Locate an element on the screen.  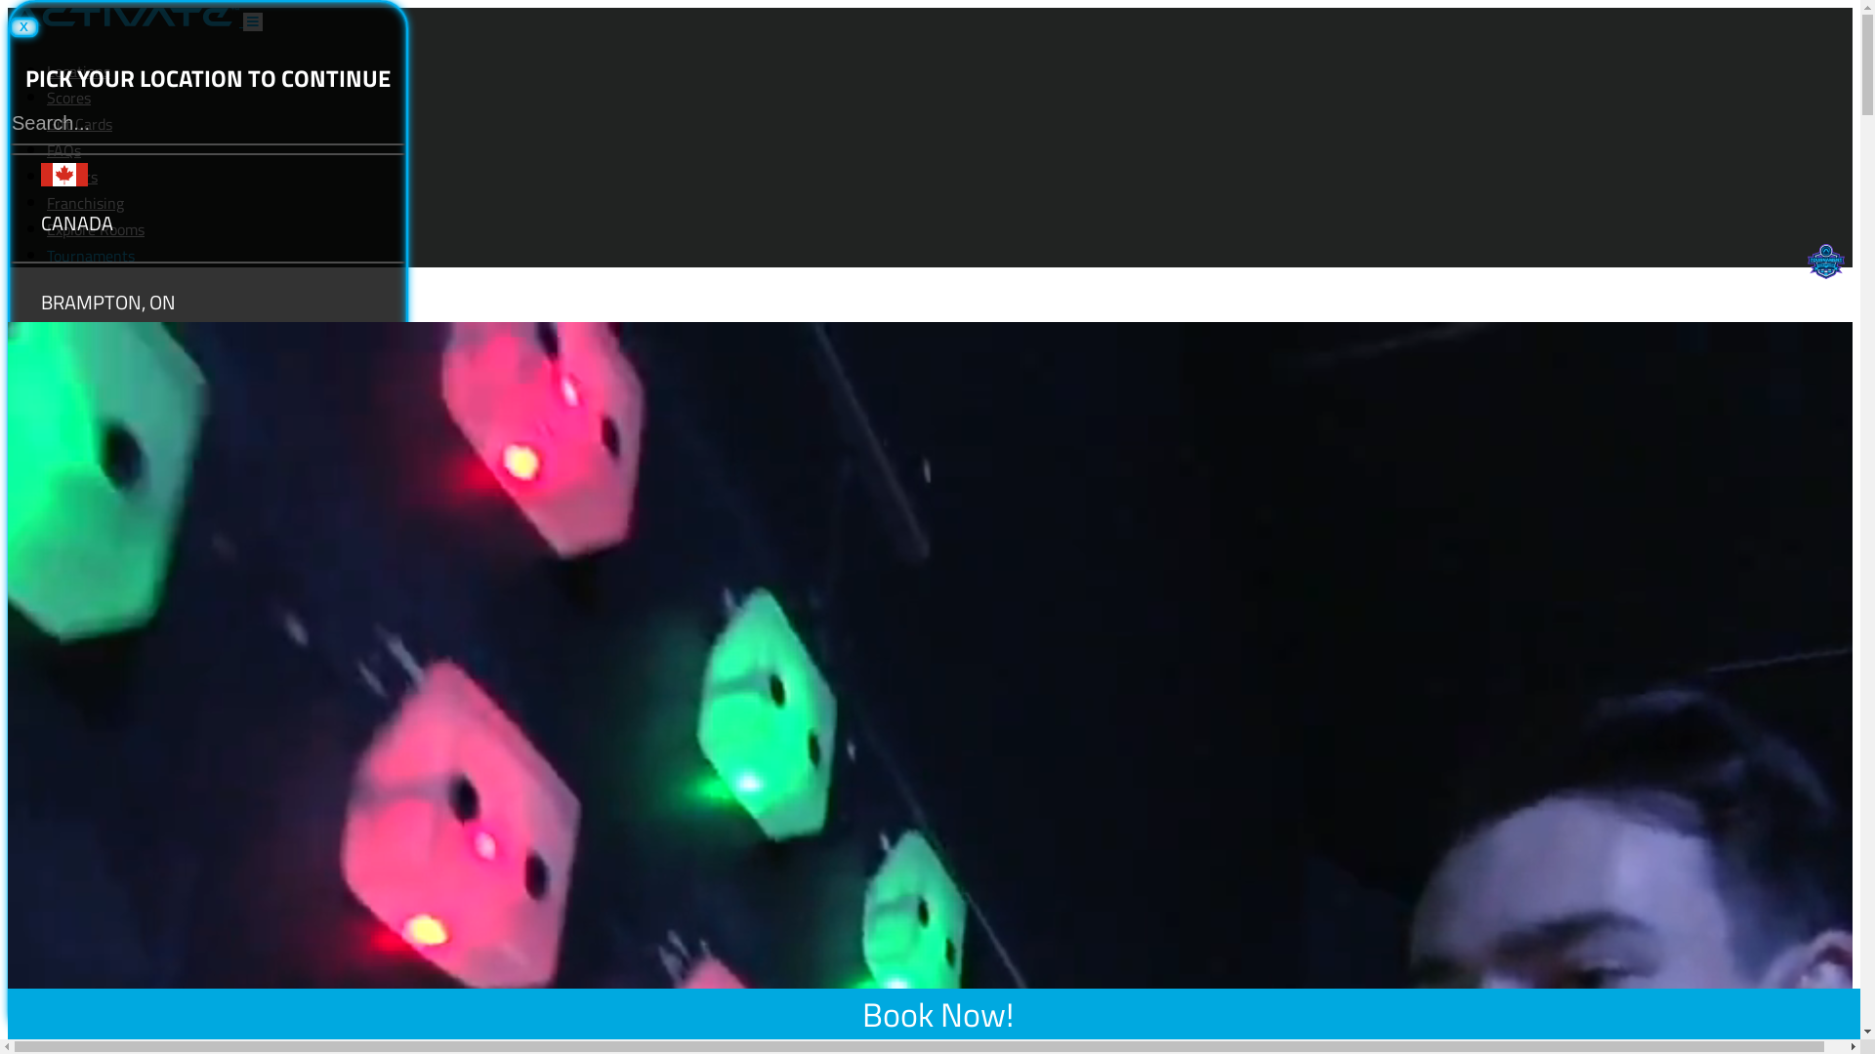
'Explore Rooms' is located at coordinates (94, 228).